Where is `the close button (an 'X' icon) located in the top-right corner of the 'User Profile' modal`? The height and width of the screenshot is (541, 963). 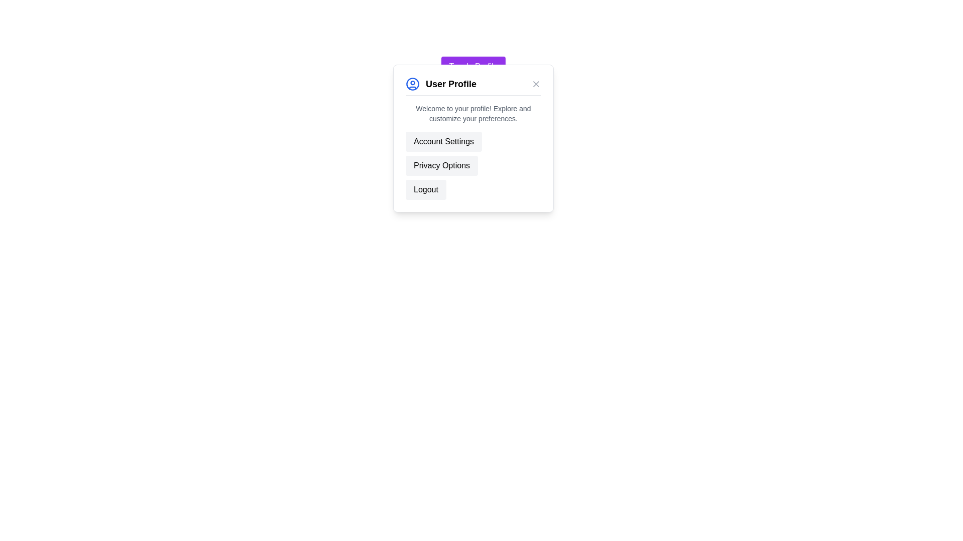 the close button (an 'X' icon) located in the top-right corner of the 'User Profile' modal is located at coordinates (536, 84).